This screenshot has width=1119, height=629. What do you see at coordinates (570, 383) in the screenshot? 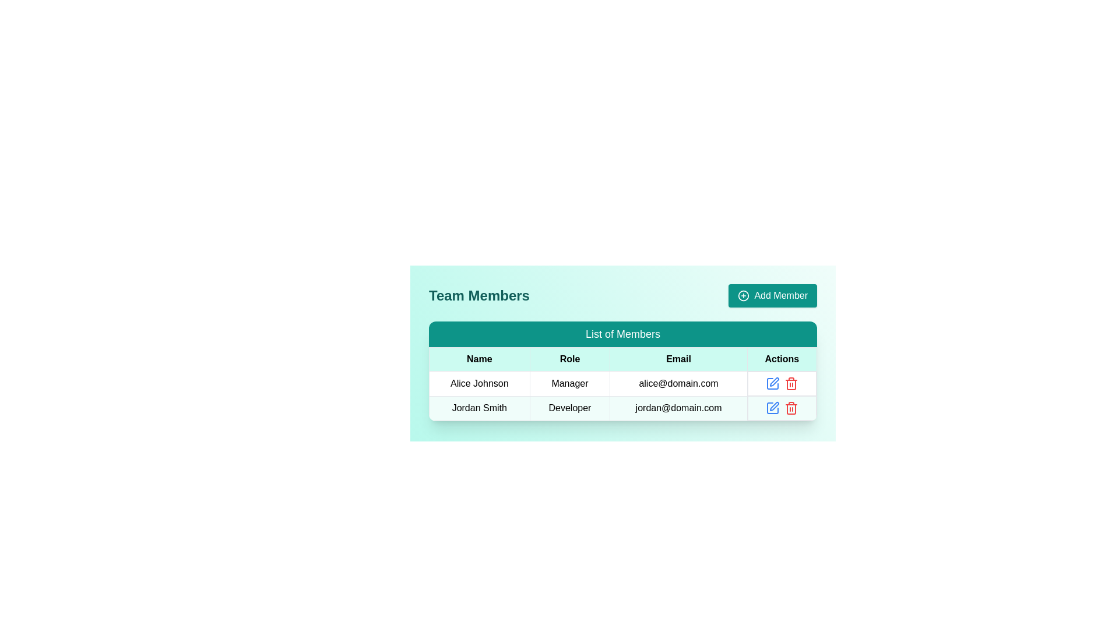
I see `the static text label displaying 'Manager', which is located in the second column of the first row of the table under the header 'Role'` at bounding box center [570, 383].